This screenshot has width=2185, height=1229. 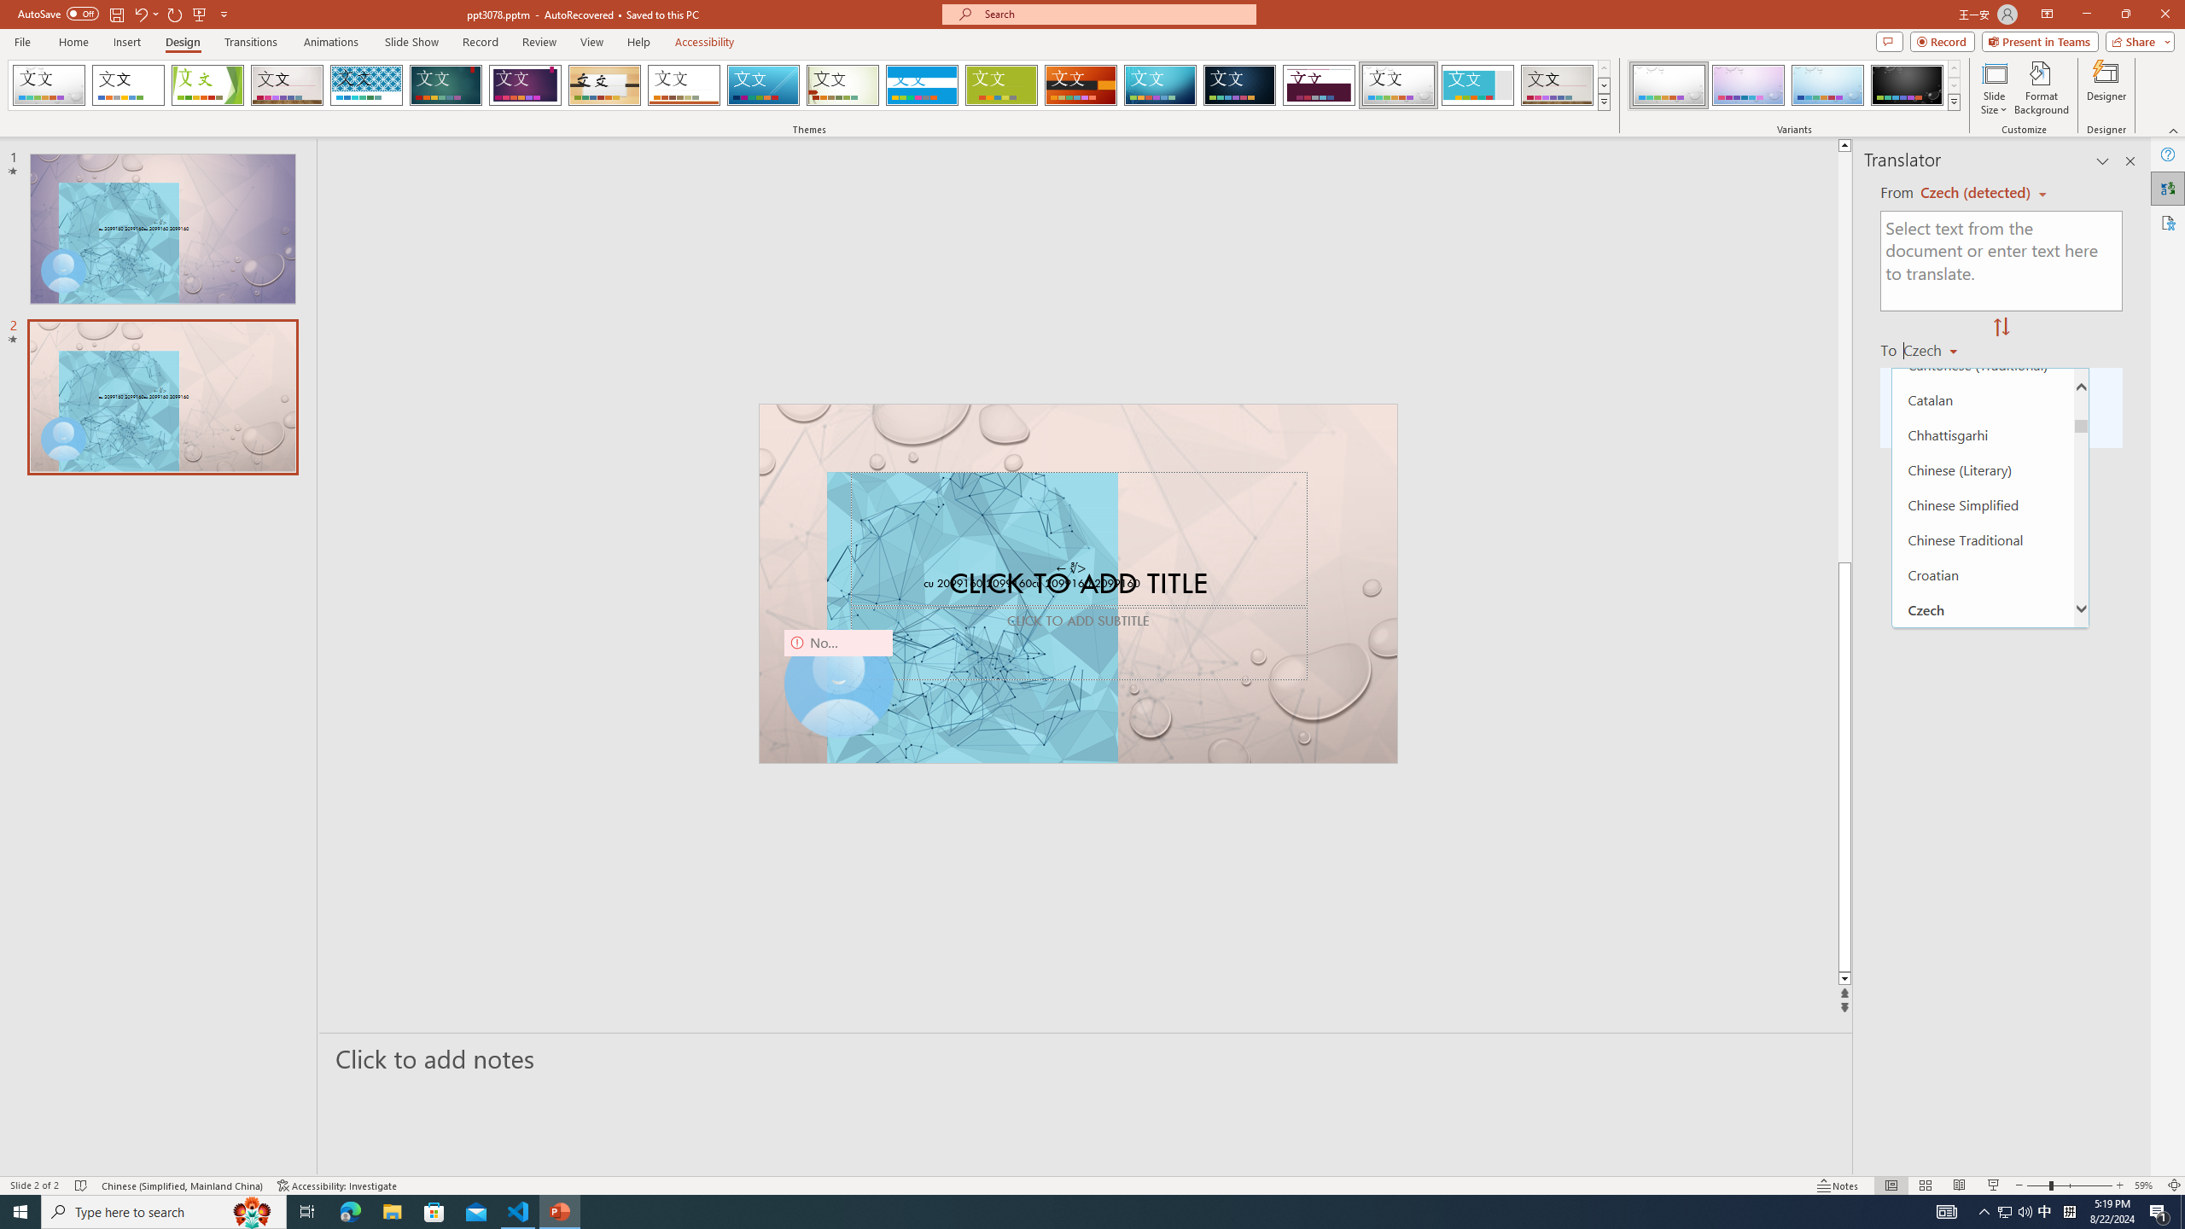 I want to click on 'Retrospect', so click(x=683, y=84).